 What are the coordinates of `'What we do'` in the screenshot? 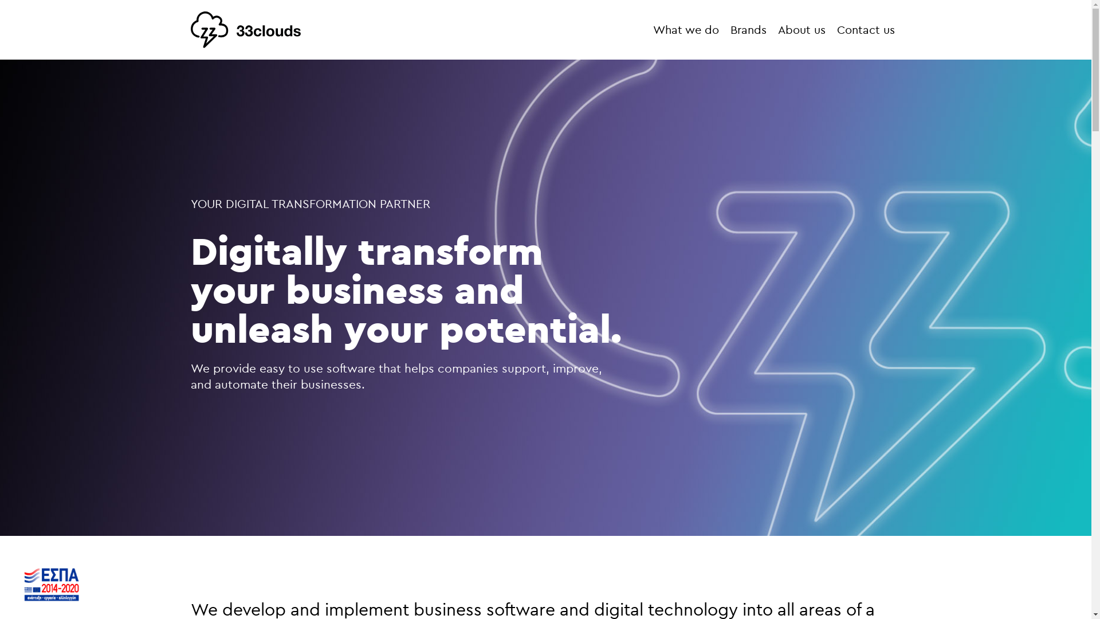 It's located at (686, 29).